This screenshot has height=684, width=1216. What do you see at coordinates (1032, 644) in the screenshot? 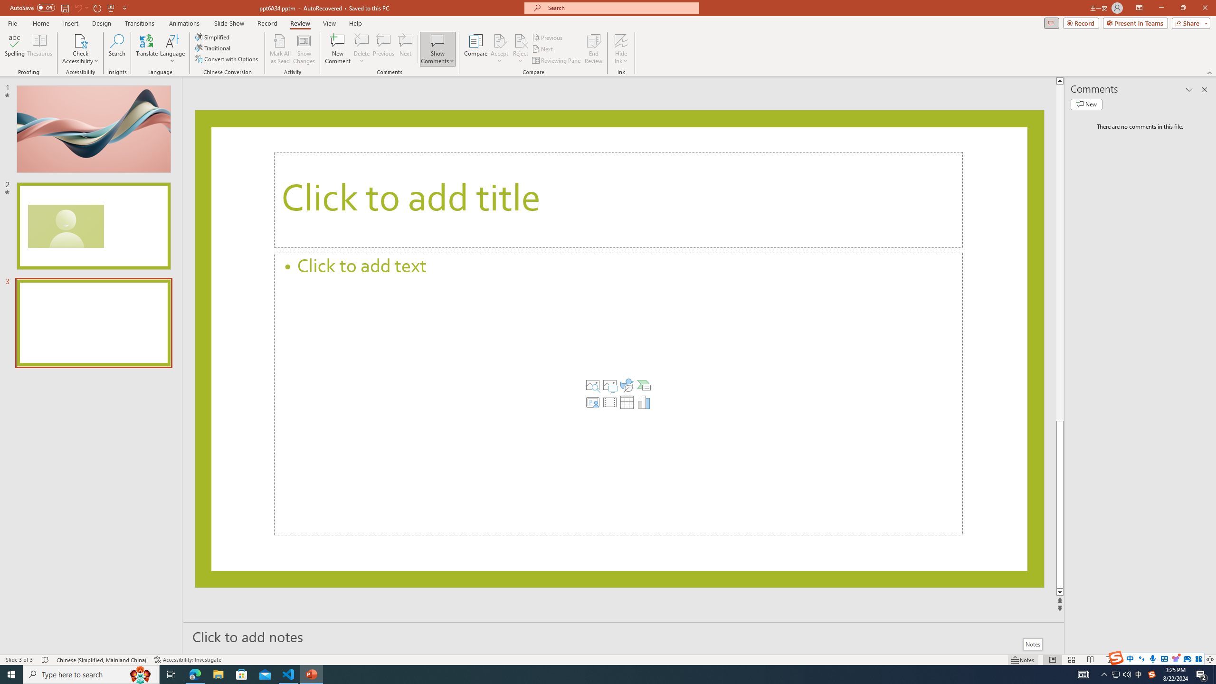
I see `'Notes'` at bounding box center [1032, 644].